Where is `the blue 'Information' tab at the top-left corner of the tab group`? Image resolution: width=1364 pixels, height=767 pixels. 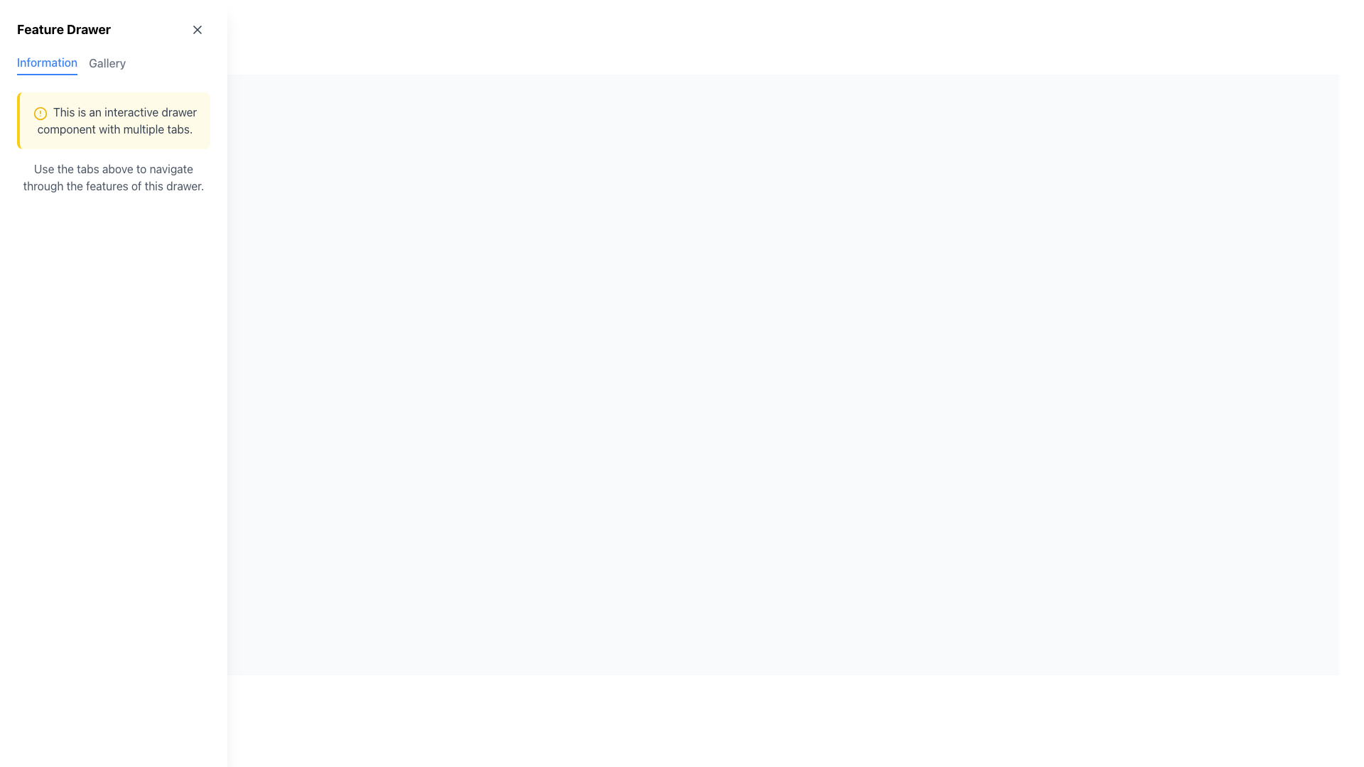
the blue 'Information' tab at the top-left corner of the tab group is located at coordinates (47, 65).